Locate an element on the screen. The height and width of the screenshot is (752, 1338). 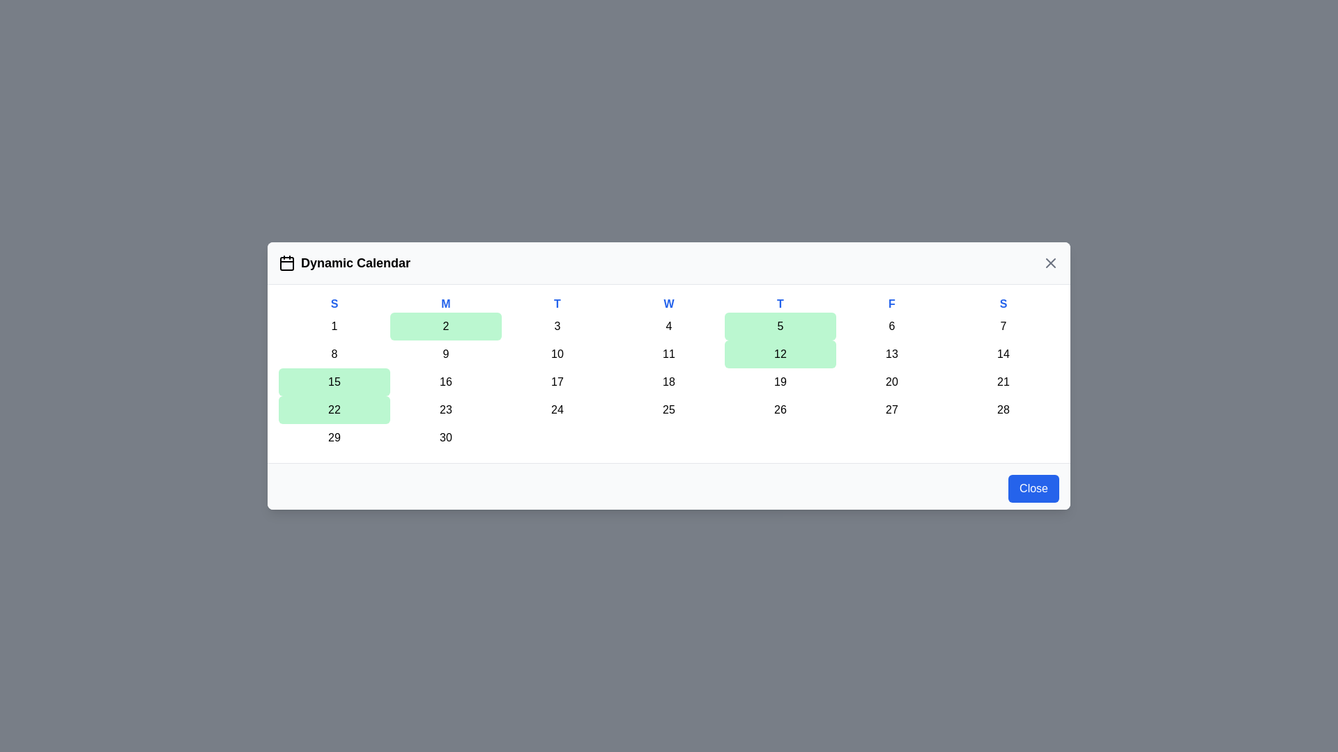
the day cell corresponding to 5 is located at coordinates (779, 327).